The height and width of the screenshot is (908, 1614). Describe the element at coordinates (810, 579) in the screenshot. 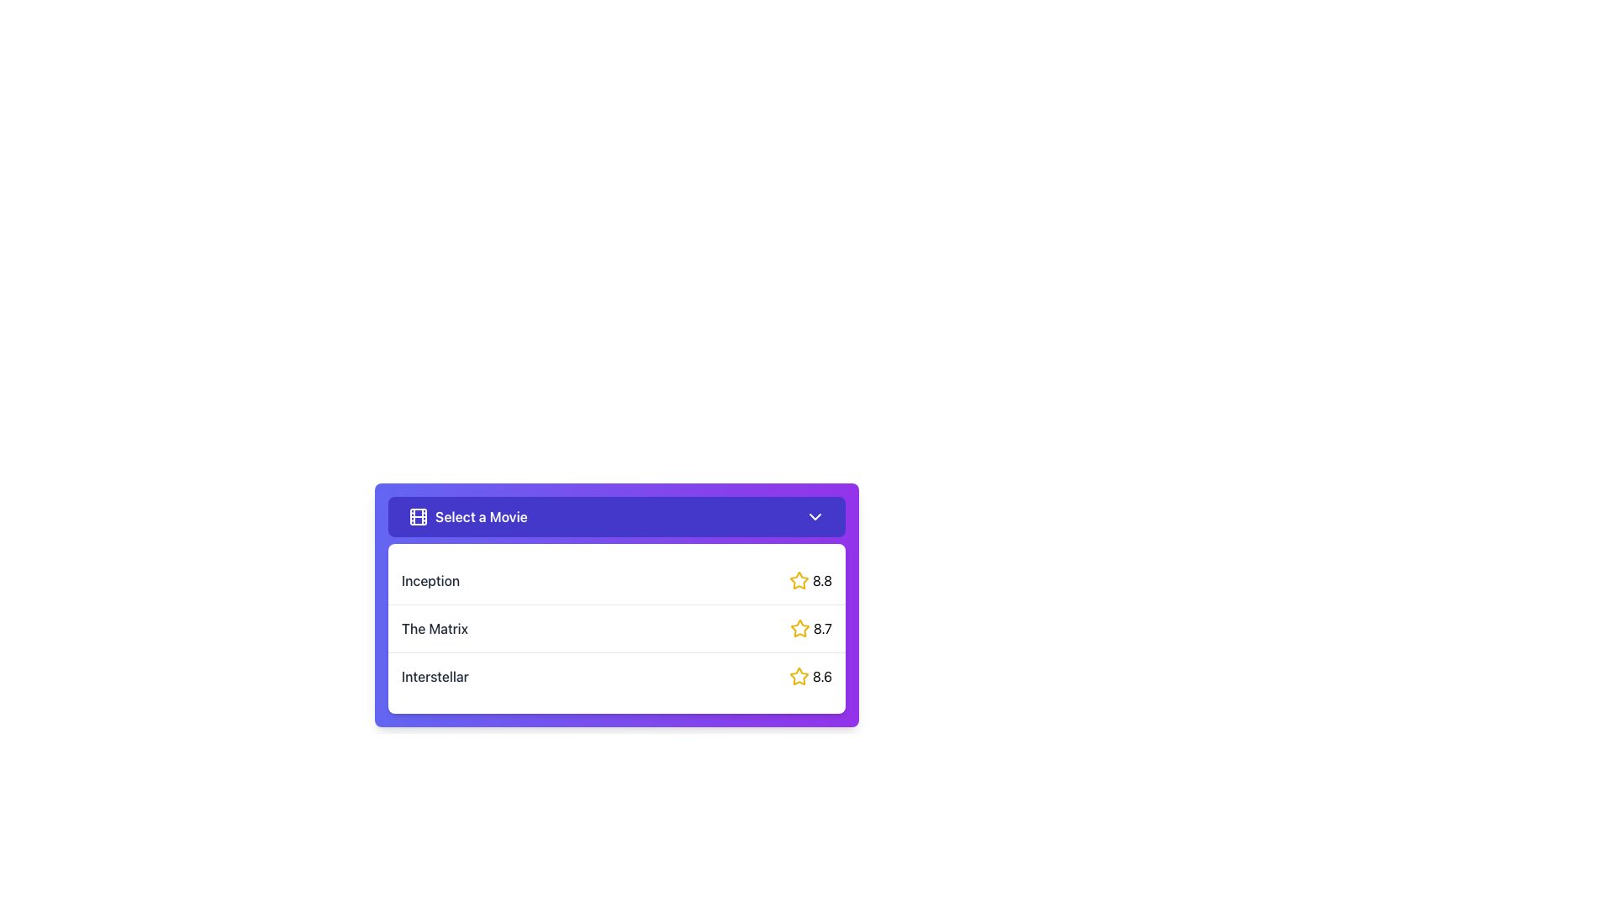

I see `rating value of the movie 'Inception' displayed as an Icon-text pair located on the right side of the first list item in the 'Select a Movie' section` at that location.